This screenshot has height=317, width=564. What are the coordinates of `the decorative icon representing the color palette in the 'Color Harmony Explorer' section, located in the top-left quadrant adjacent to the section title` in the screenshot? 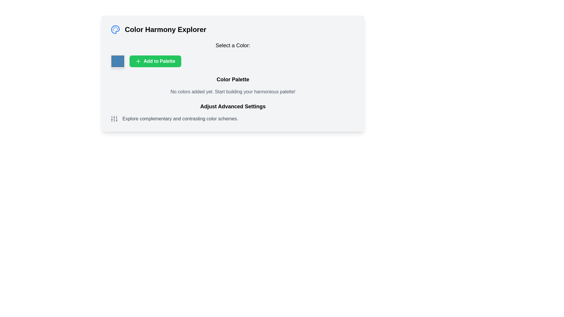 It's located at (115, 29).